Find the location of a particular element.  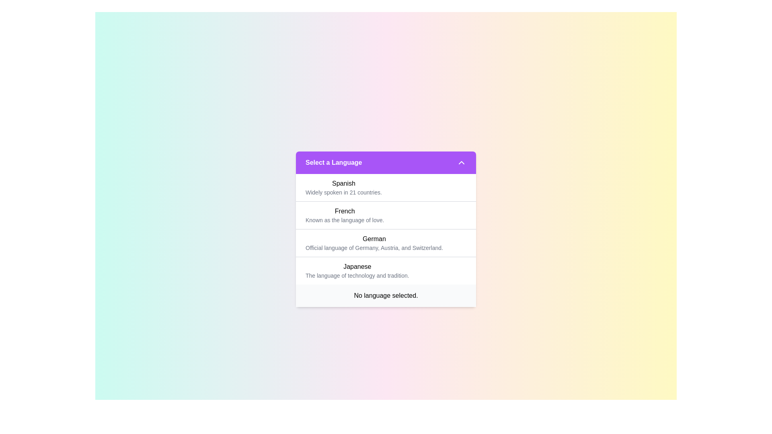

the fourth list item in the 'Select a Language' dropdown menu that displays 'Japanese' and its description is located at coordinates (357, 270).